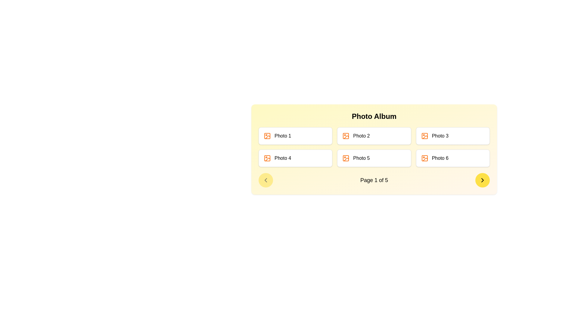  I want to click on the grid item labeled 'Photo 3', so click(452, 136).